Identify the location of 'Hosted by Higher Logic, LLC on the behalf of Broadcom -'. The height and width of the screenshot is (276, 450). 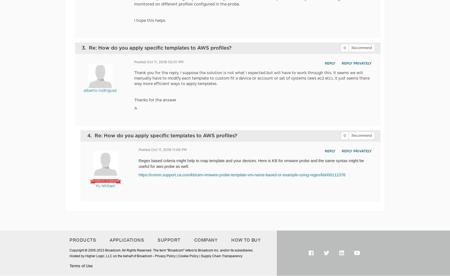
(112, 256).